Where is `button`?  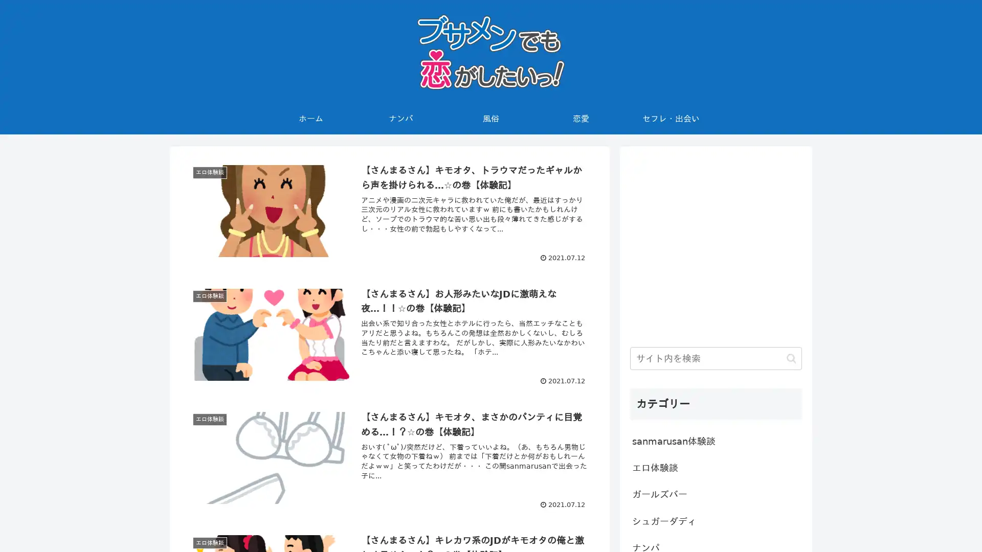 button is located at coordinates (791, 358).